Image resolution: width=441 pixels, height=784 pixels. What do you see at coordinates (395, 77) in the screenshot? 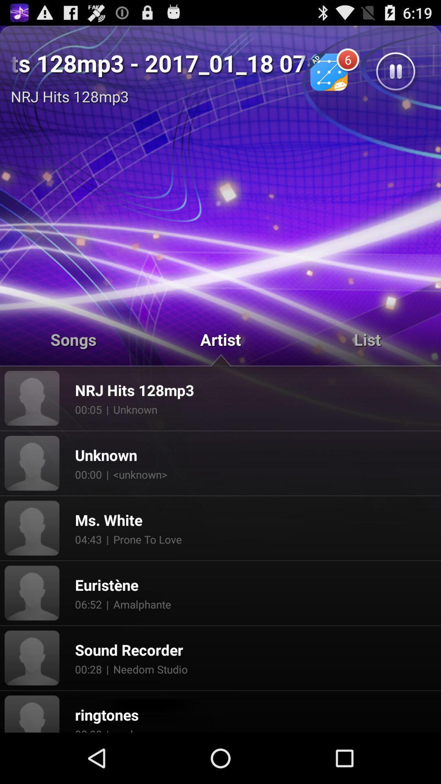
I see `the pause icon` at bounding box center [395, 77].